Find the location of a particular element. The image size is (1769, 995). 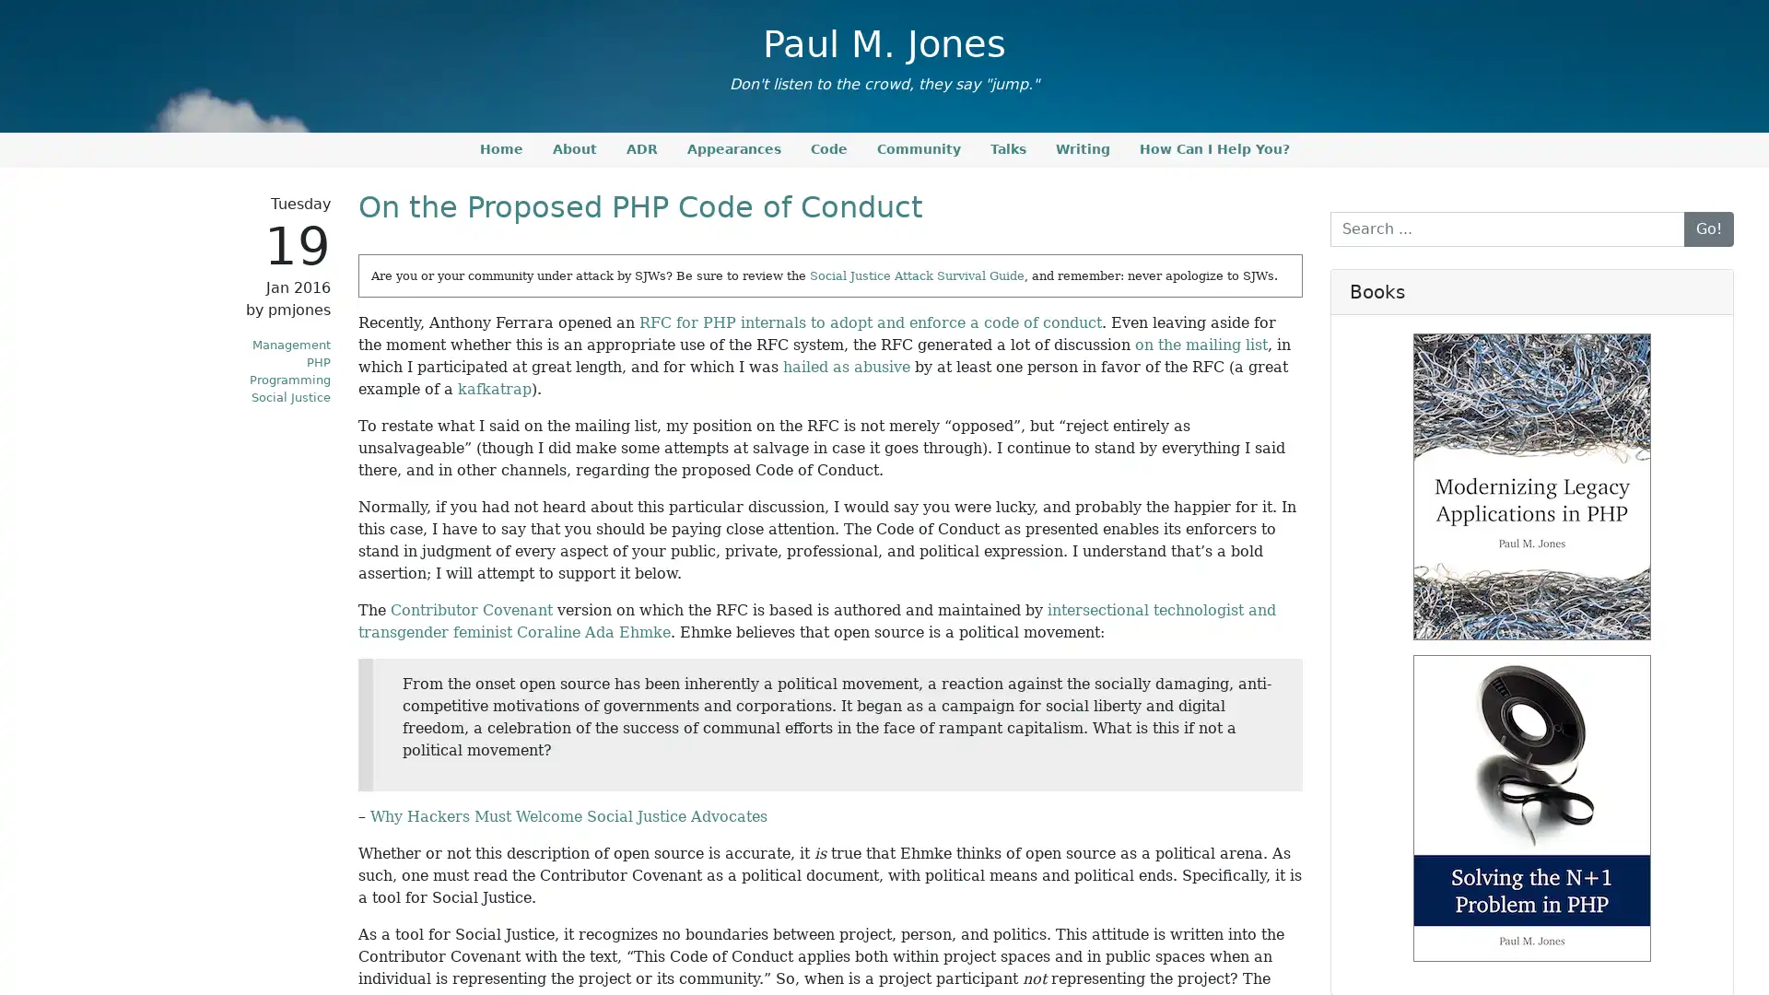

Go! is located at coordinates (1707, 227).